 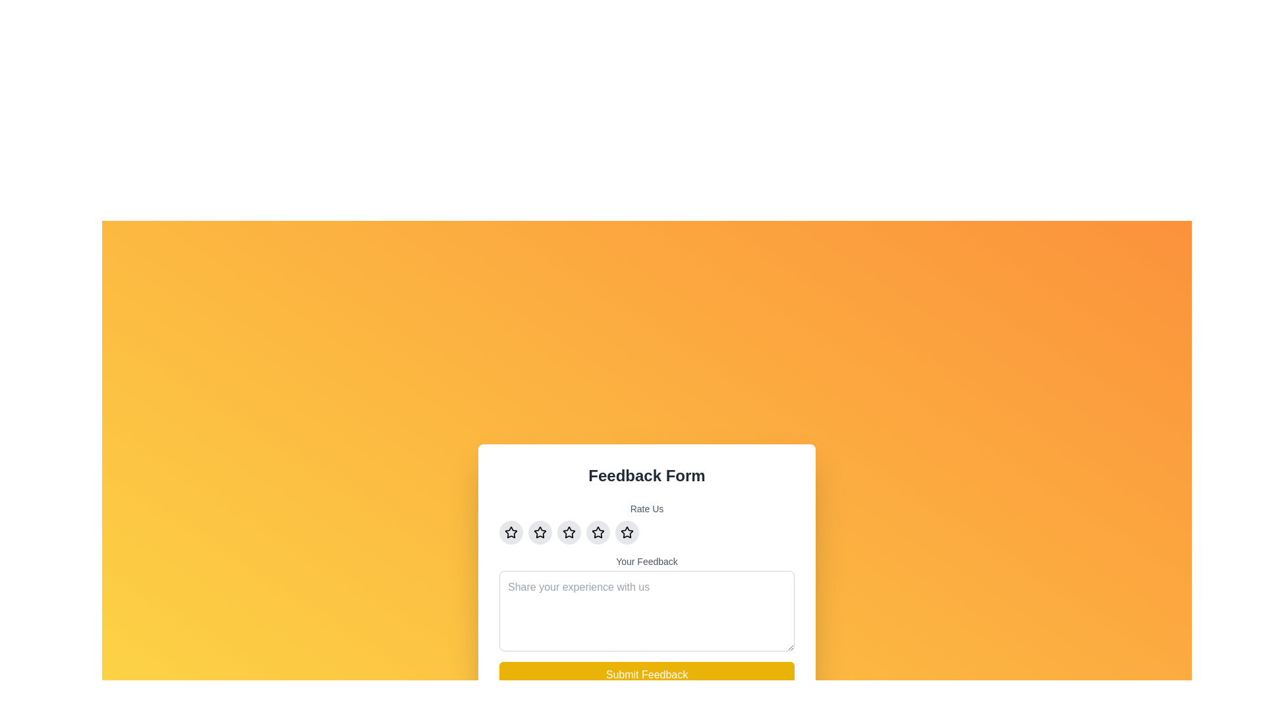 What do you see at coordinates (569, 531) in the screenshot?
I see `the third star icon in the rating section below the 'Rate Us' label` at bounding box center [569, 531].